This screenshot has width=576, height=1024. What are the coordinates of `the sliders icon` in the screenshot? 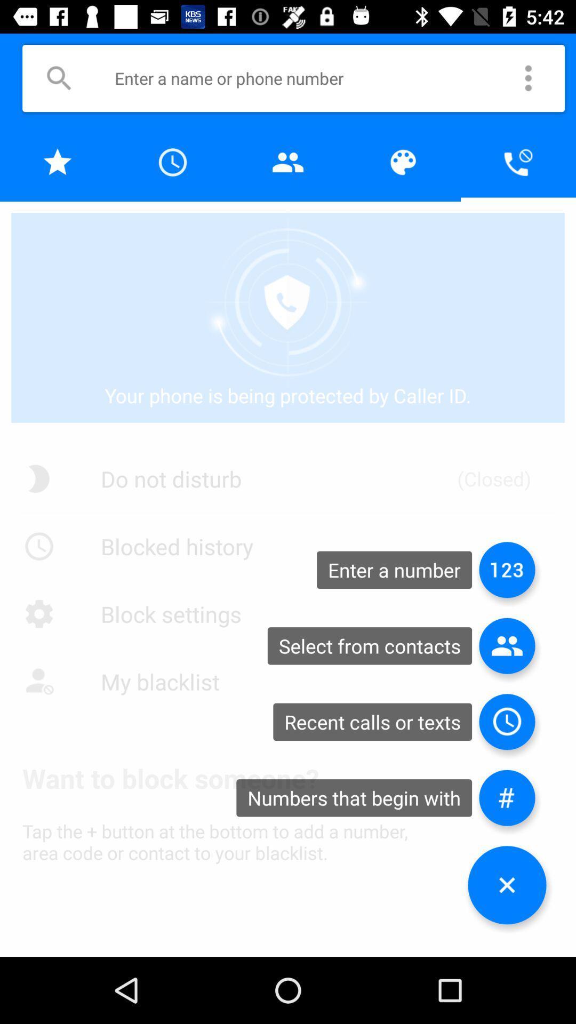 It's located at (507, 798).